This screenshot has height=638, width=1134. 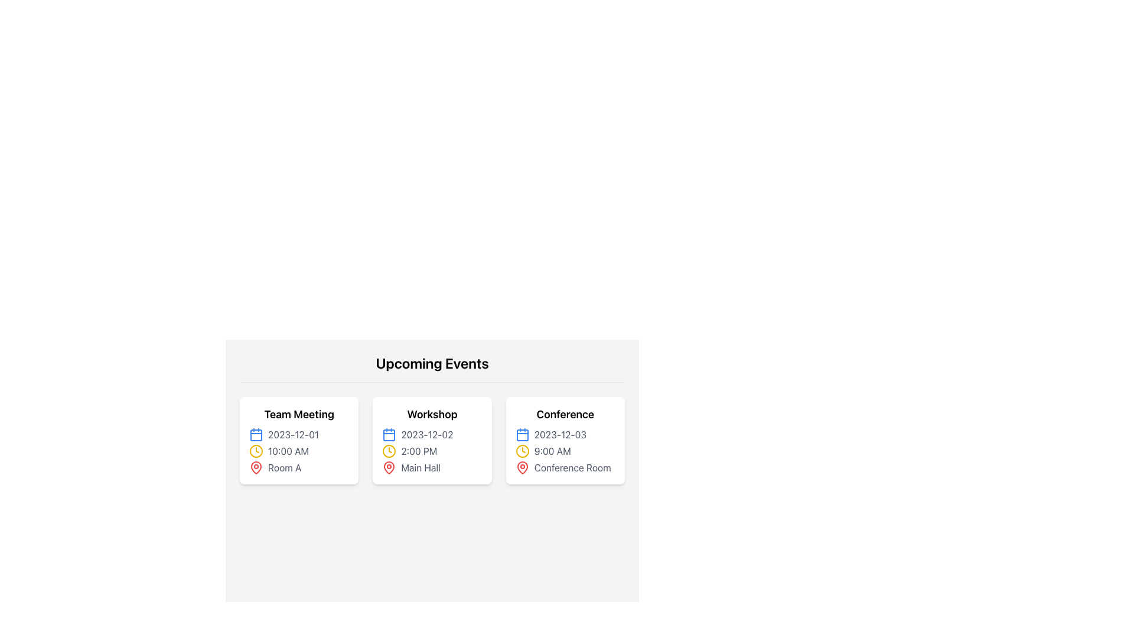 What do you see at coordinates (565, 440) in the screenshot?
I see `the Event Card that represents an upcoming event, which is the third card in a horizontally aligned grid, located to the immediate right of the 'Workshop' card` at bounding box center [565, 440].